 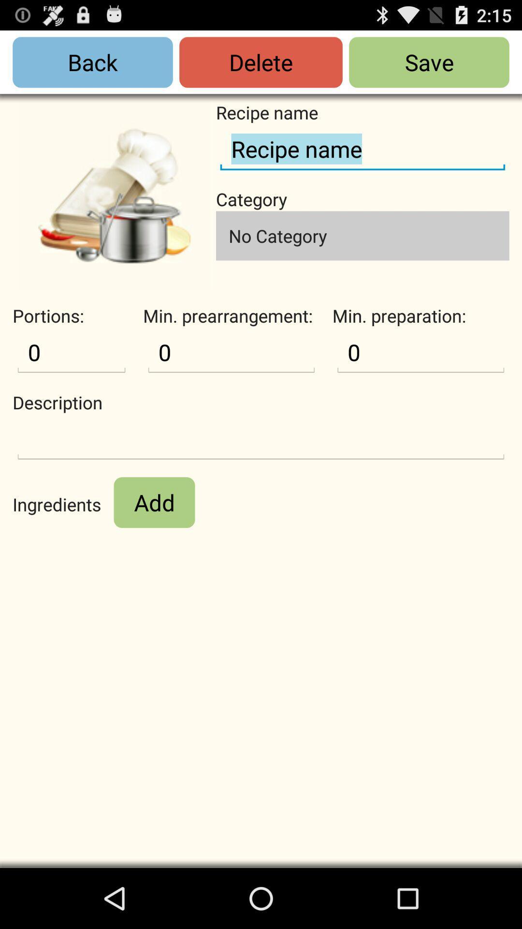 What do you see at coordinates (114, 195) in the screenshot?
I see `picture` at bounding box center [114, 195].